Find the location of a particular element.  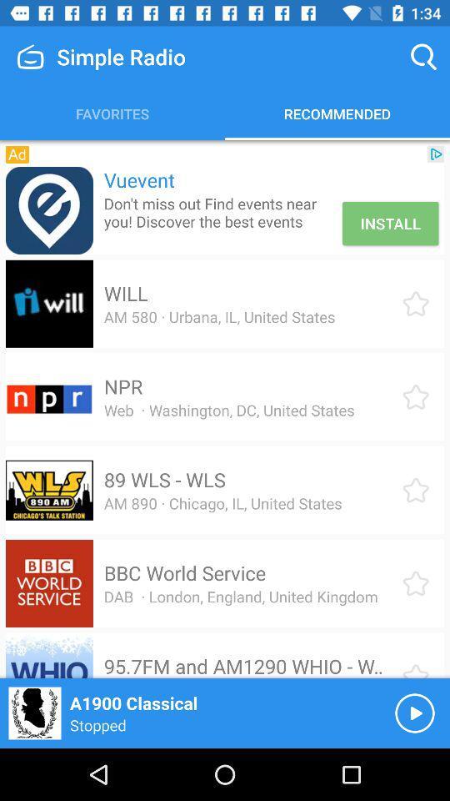

item above recommended icon is located at coordinates (423, 57).